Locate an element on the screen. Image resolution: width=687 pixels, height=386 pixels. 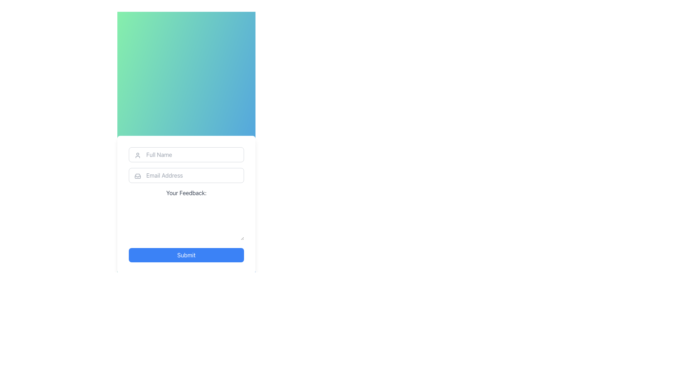
the user silhouette icon located to the left of the 'Full Name' input field, which is represented by a light gray color and simplistic design is located at coordinates (137, 155).